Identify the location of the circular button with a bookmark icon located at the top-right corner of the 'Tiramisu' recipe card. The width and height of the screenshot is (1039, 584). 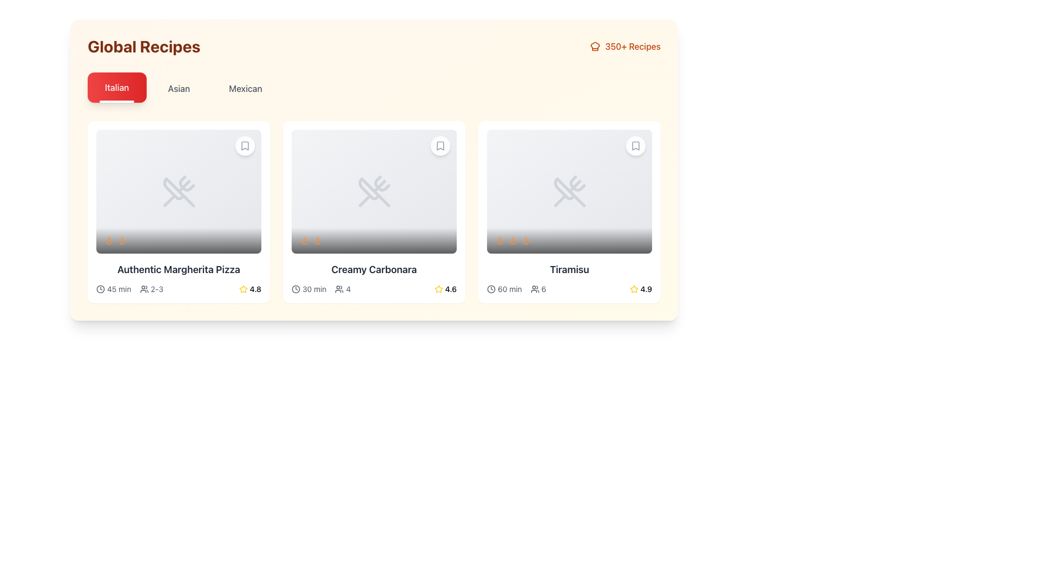
(636, 146).